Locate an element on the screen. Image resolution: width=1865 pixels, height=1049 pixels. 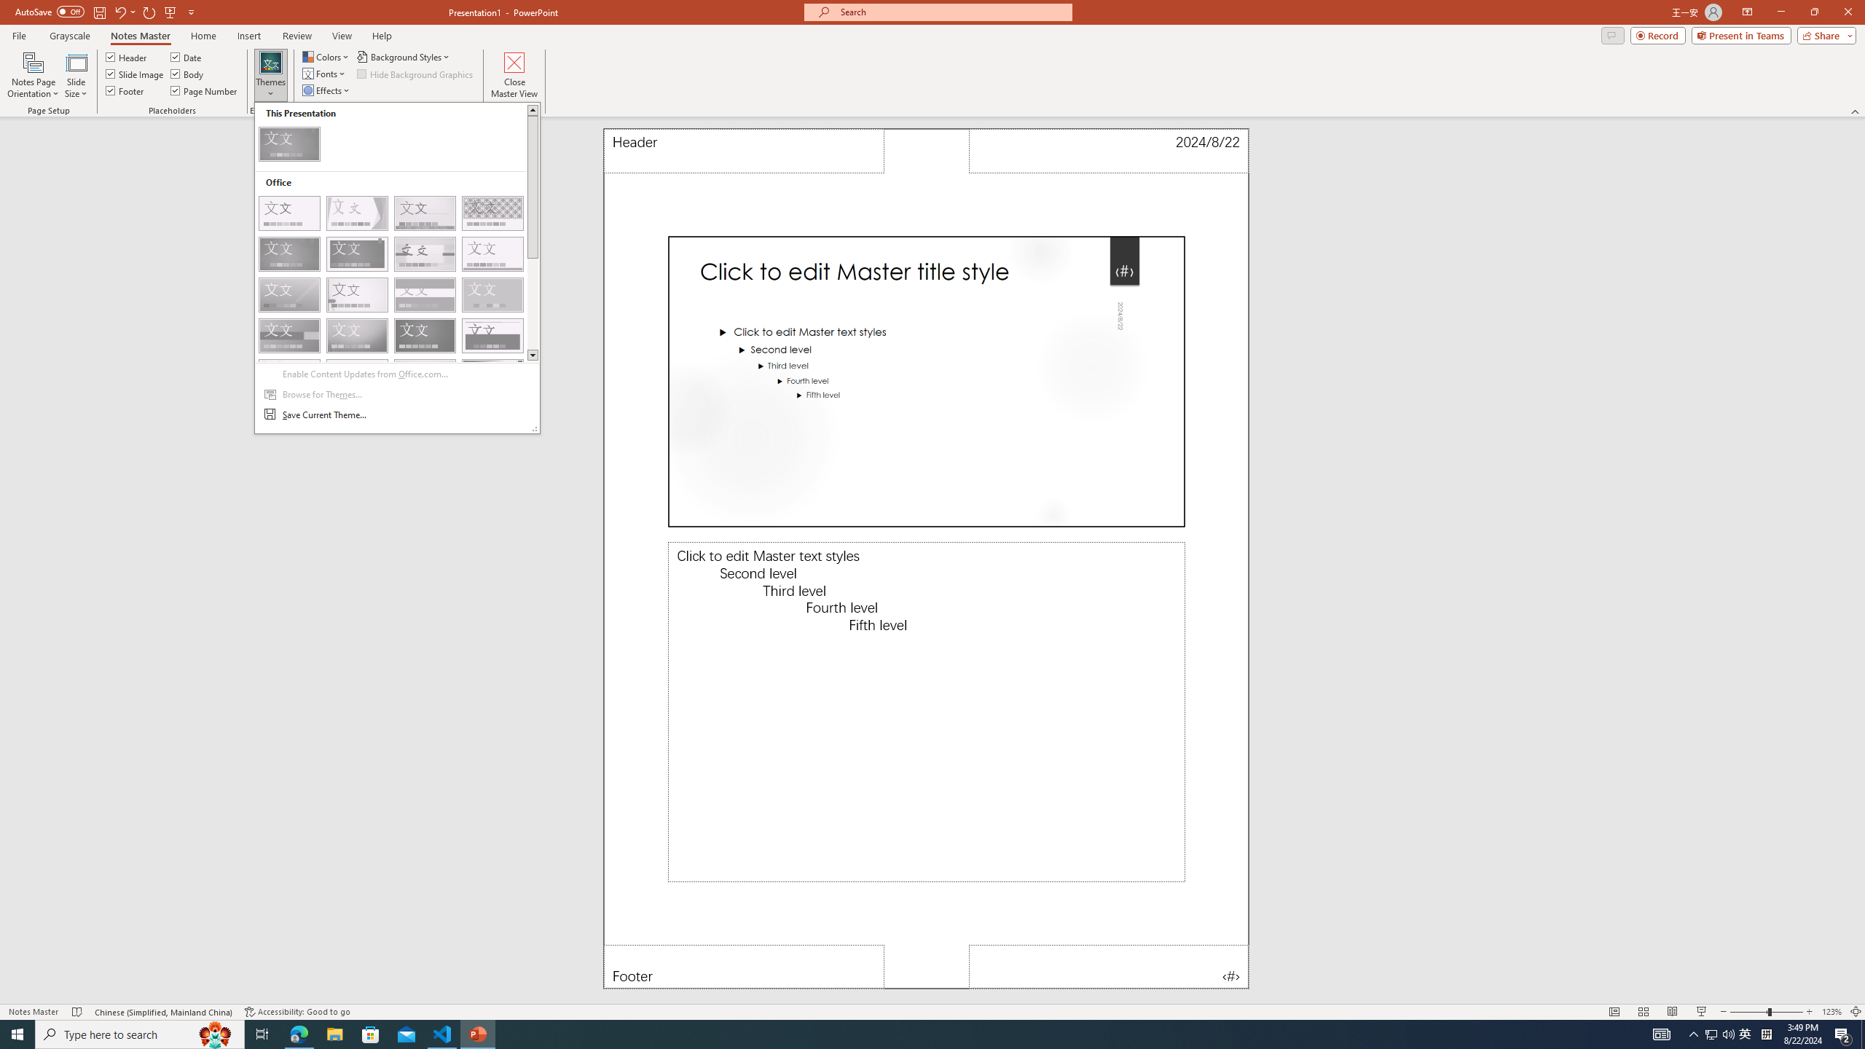
'Themes' is located at coordinates (270, 75).